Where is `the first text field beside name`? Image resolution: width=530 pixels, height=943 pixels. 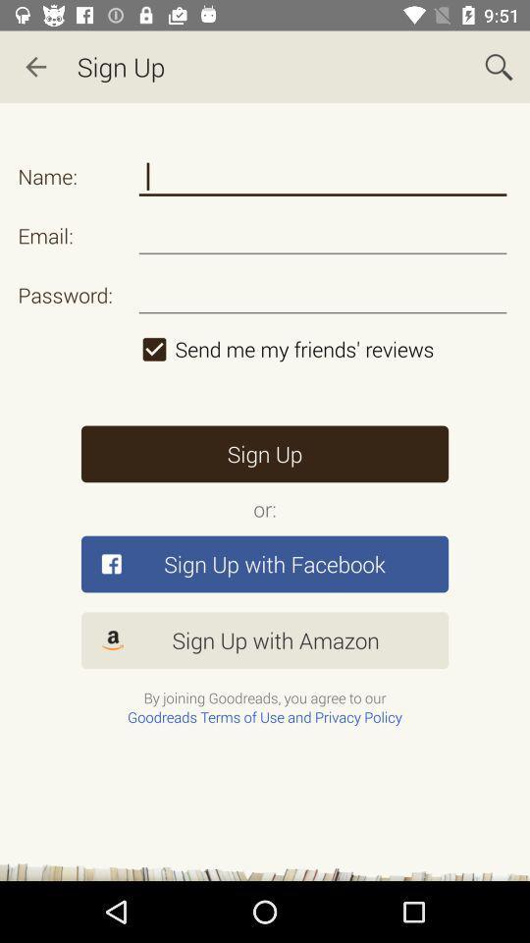
the first text field beside name is located at coordinates (323, 176).